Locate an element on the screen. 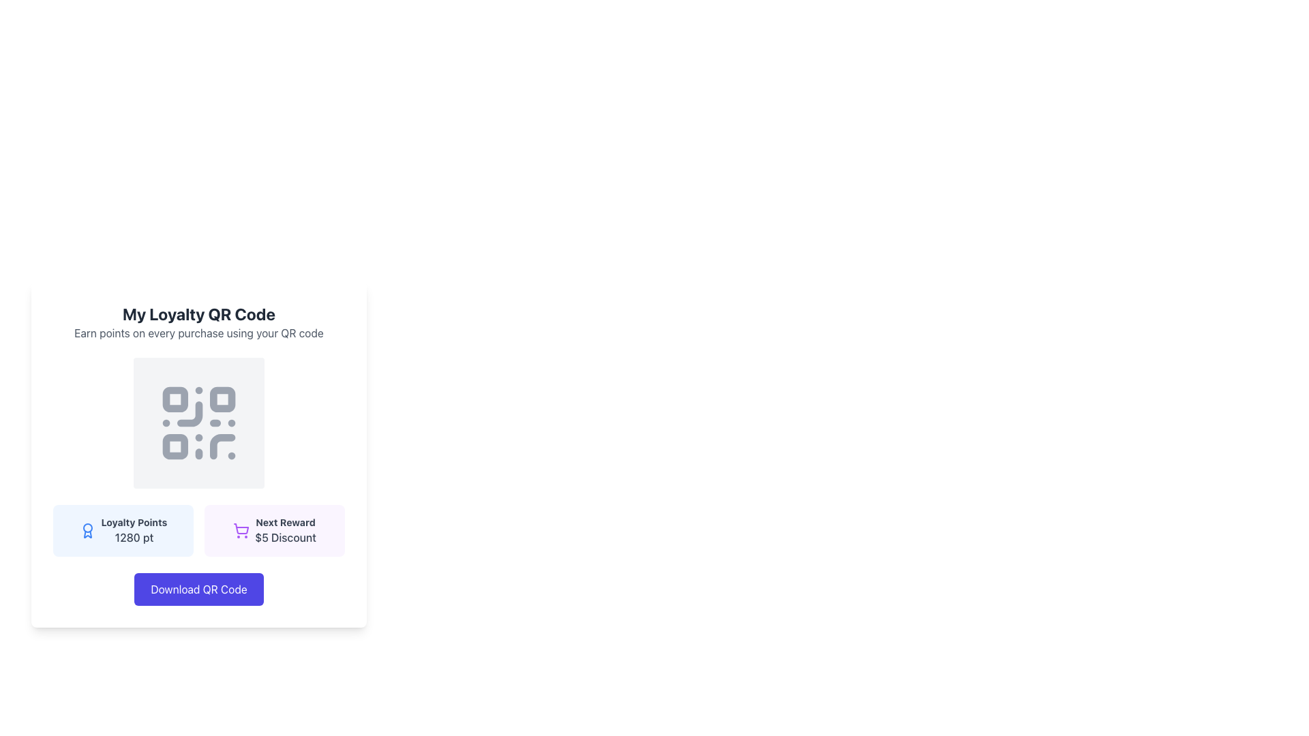 The width and height of the screenshot is (1309, 736). text label displaying '$5 Discount' located below the 'Next Reward' text in the right-hand section of the two-column card layout is located at coordinates (284, 537).